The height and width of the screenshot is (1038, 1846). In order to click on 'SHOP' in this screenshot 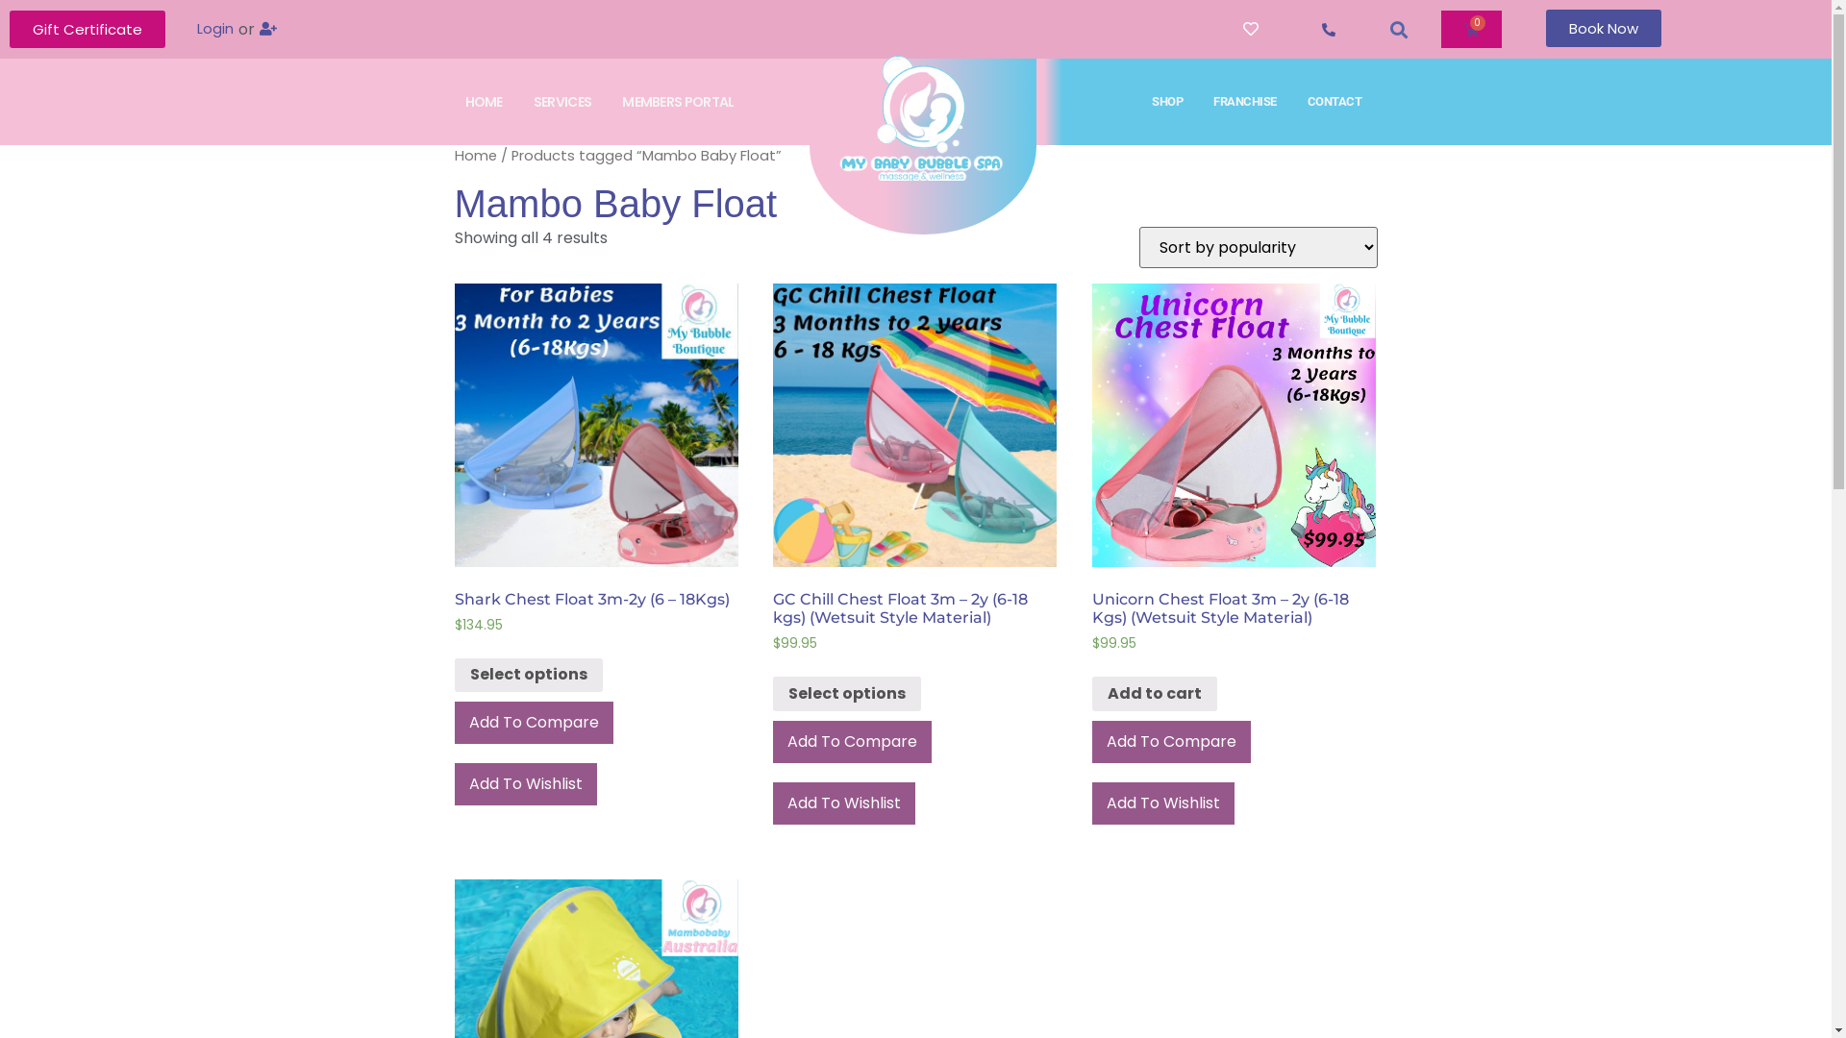, I will do `click(1135, 101)`.